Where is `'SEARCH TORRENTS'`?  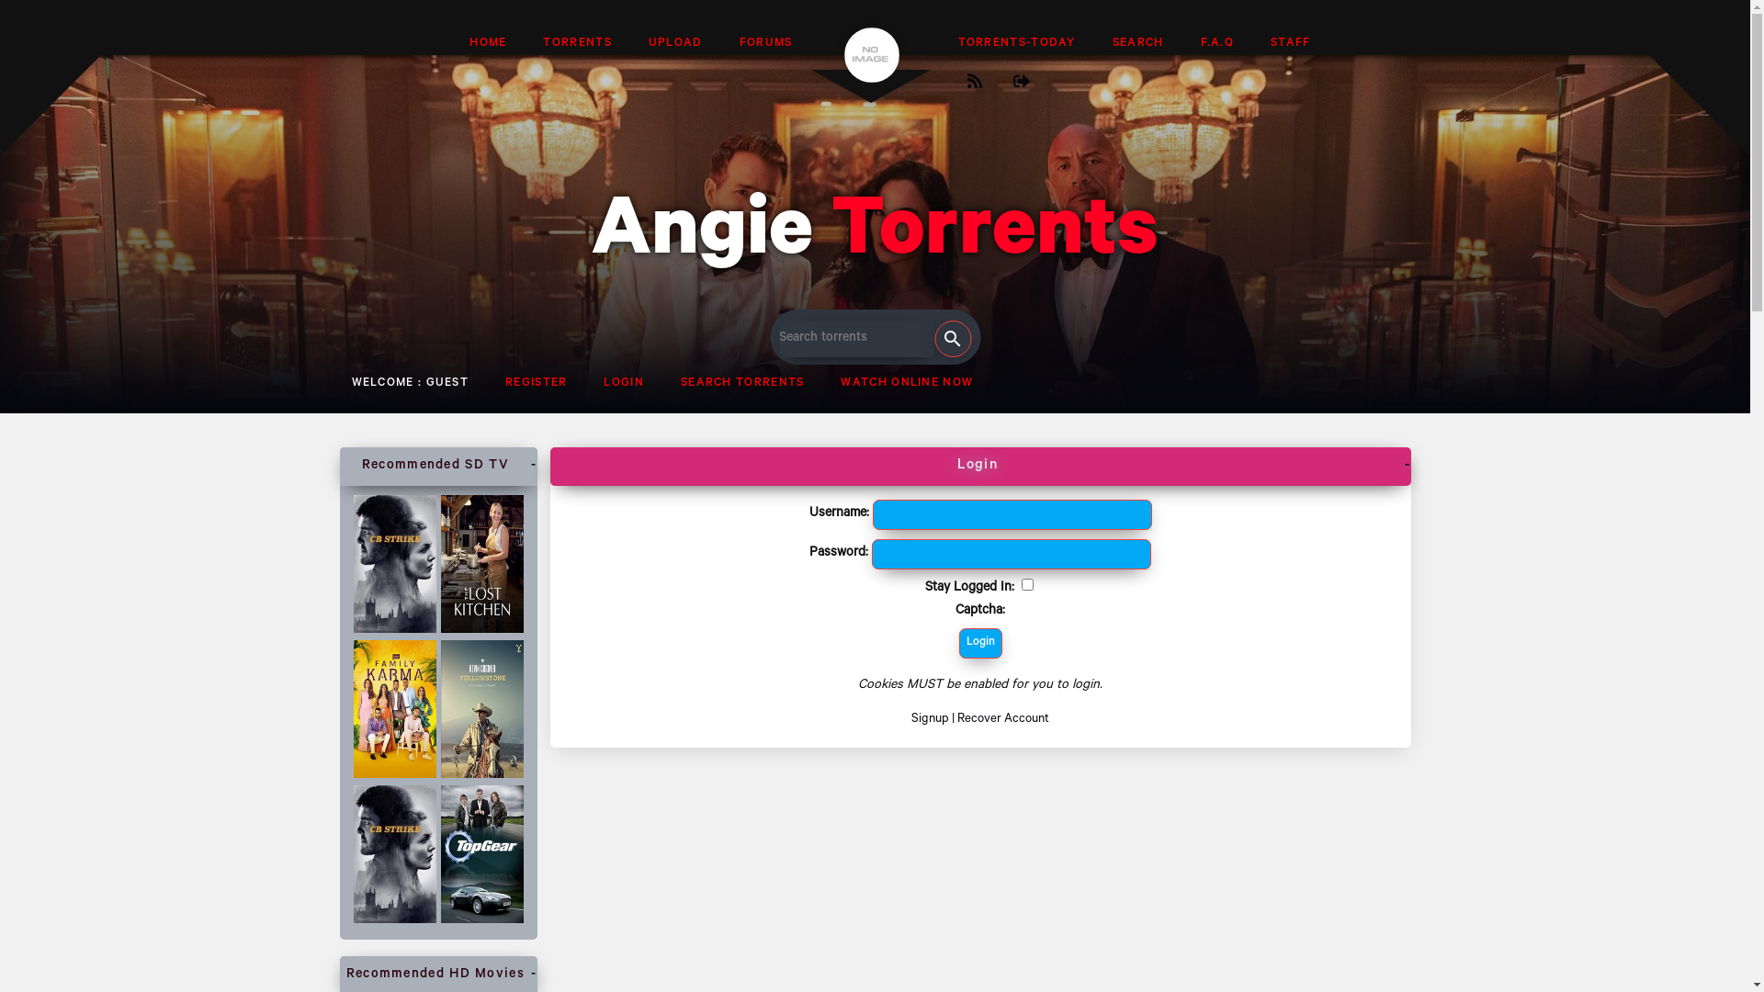
'SEARCH TORRENTS' is located at coordinates (742, 383).